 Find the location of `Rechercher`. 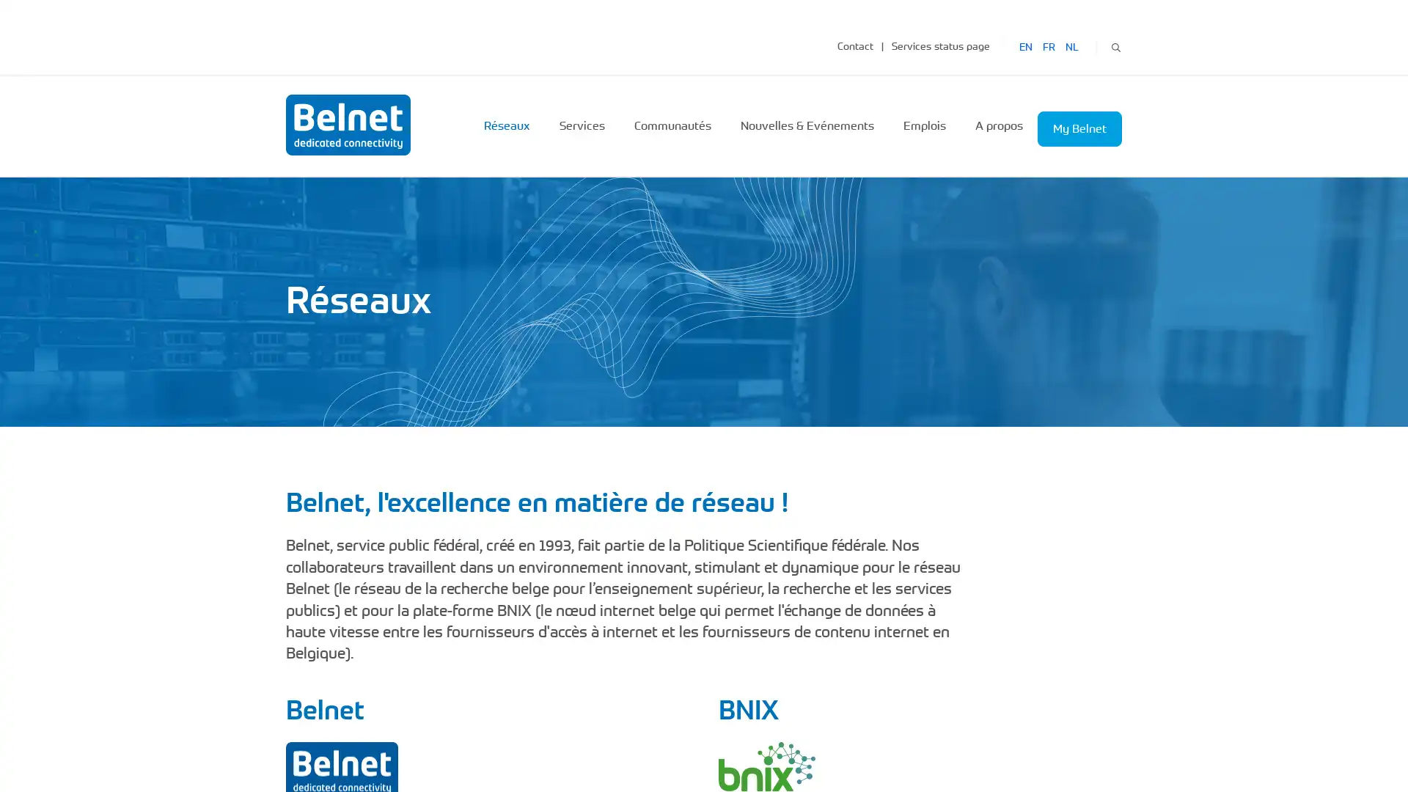

Rechercher is located at coordinates (1115, 45).